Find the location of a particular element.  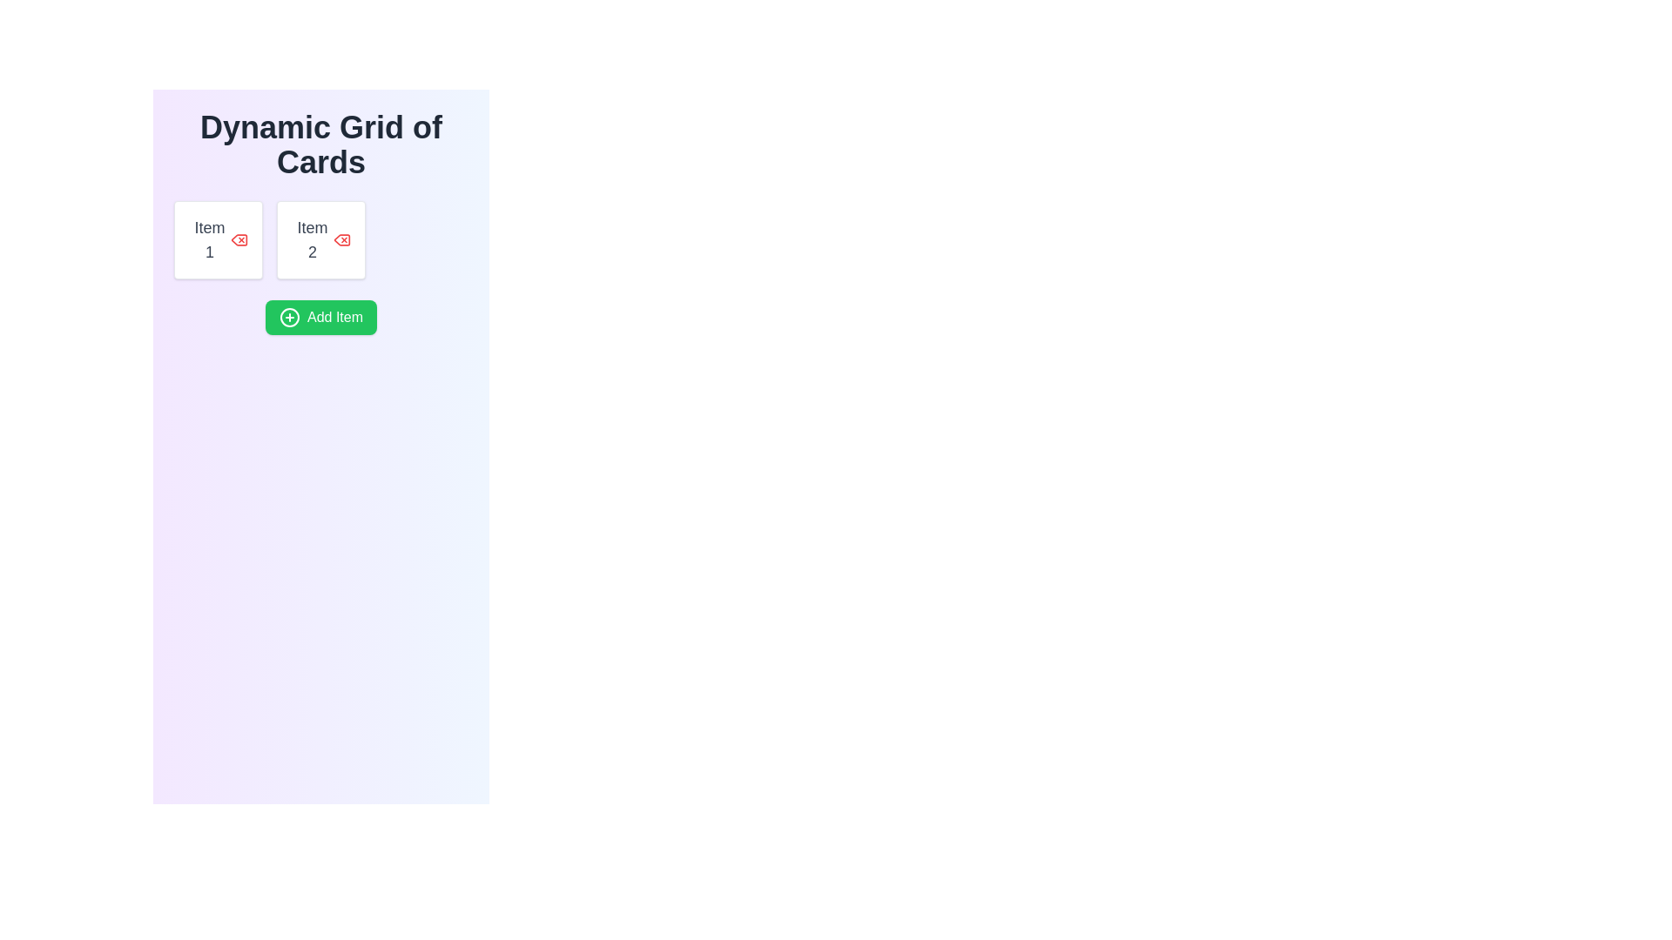

the text label is located at coordinates (209, 240).